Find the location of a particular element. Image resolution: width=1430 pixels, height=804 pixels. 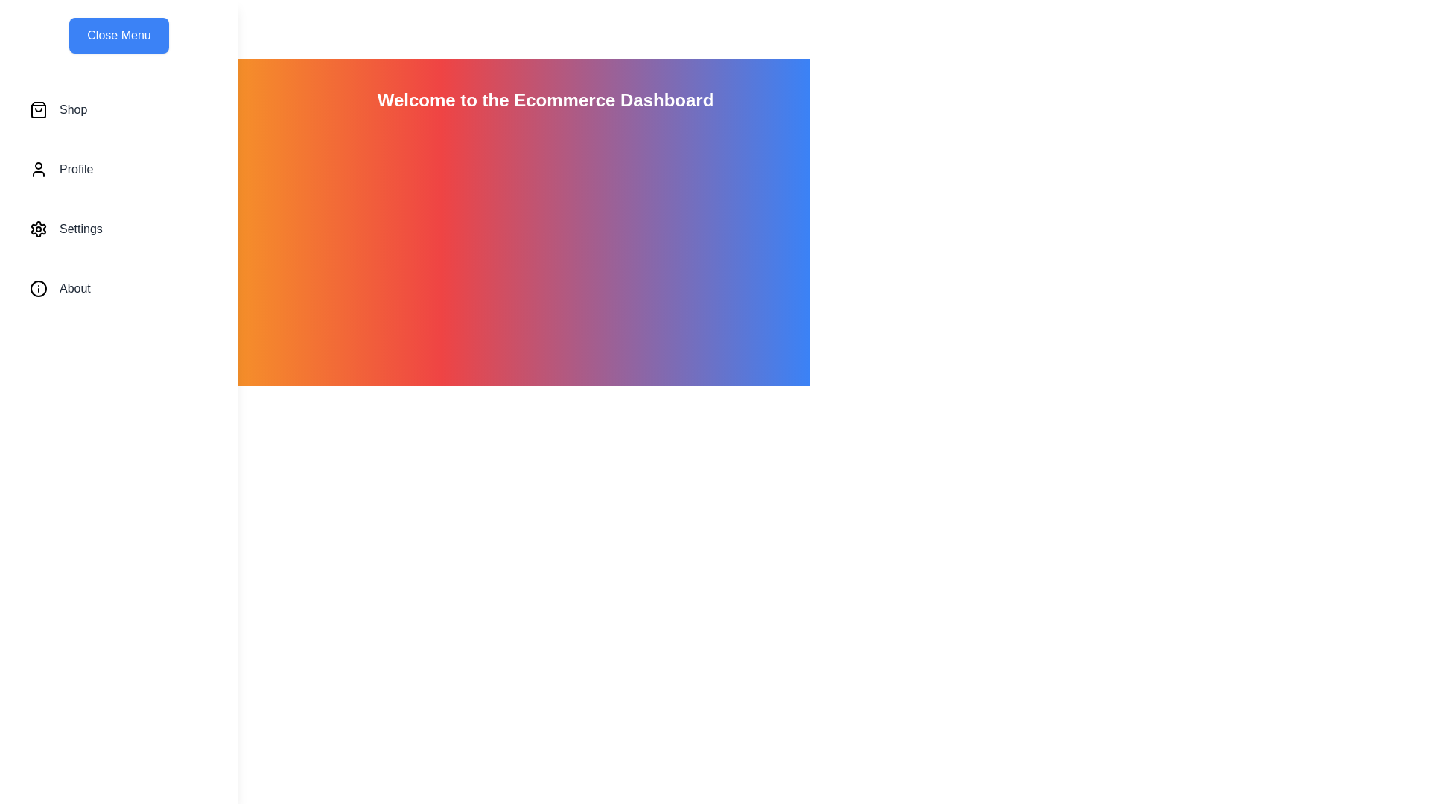

the 'Close Menu' button to toggle the drawer is located at coordinates (118, 34).